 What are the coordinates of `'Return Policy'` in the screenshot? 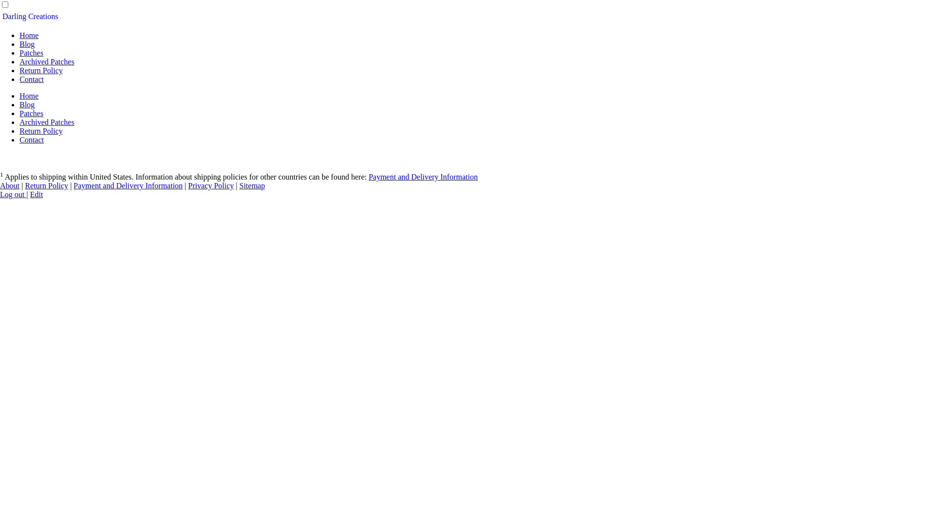 It's located at (40, 130).